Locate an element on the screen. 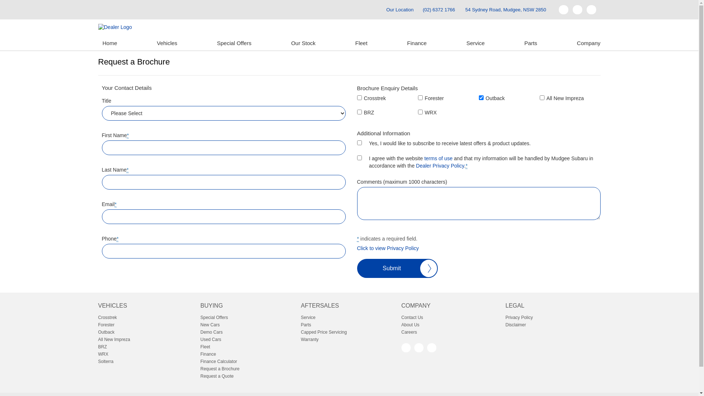  'New Cars' is located at coordinates (200, 324).